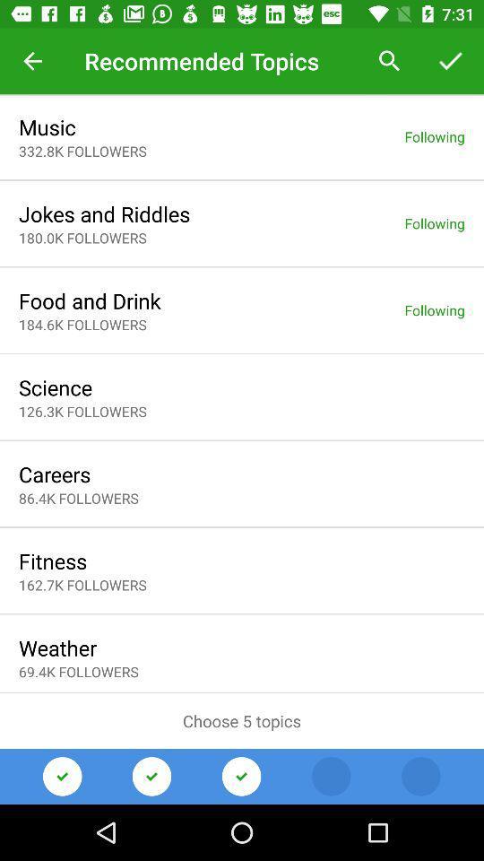 This screenshot has width=484, height=861. Describe the element at coordinates (32, 61) in the screenshot. I see `app next to recommended topics icon` at that location.